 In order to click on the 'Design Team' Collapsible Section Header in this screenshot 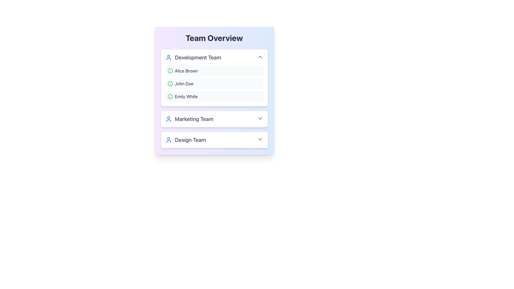, I will do `click(186, 140)`.